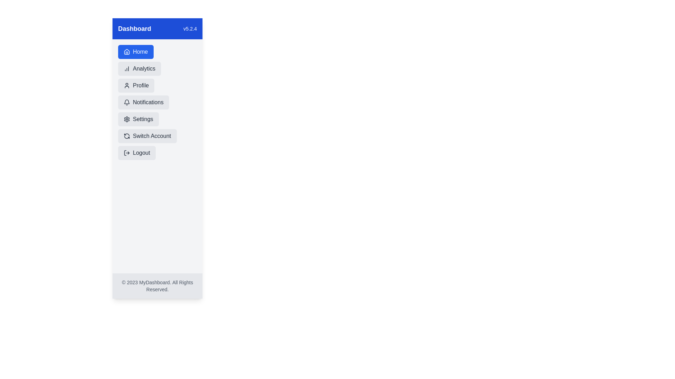 This screenshot has width=675, height=379. I want to click on the SVG logout icon located in the side navigation panel, which features an arrow pointing to the right and is positioned to the left of the 'Logout' label, to log out, so click(127, 152).